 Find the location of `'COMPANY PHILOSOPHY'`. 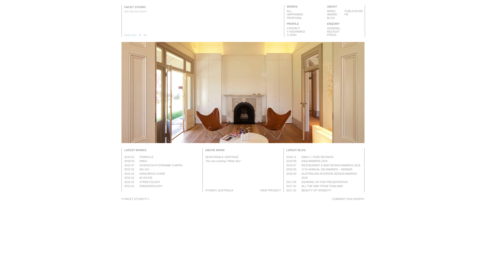

'COMPANY PHILOSOPHY' is located at coordinates (348, 198).